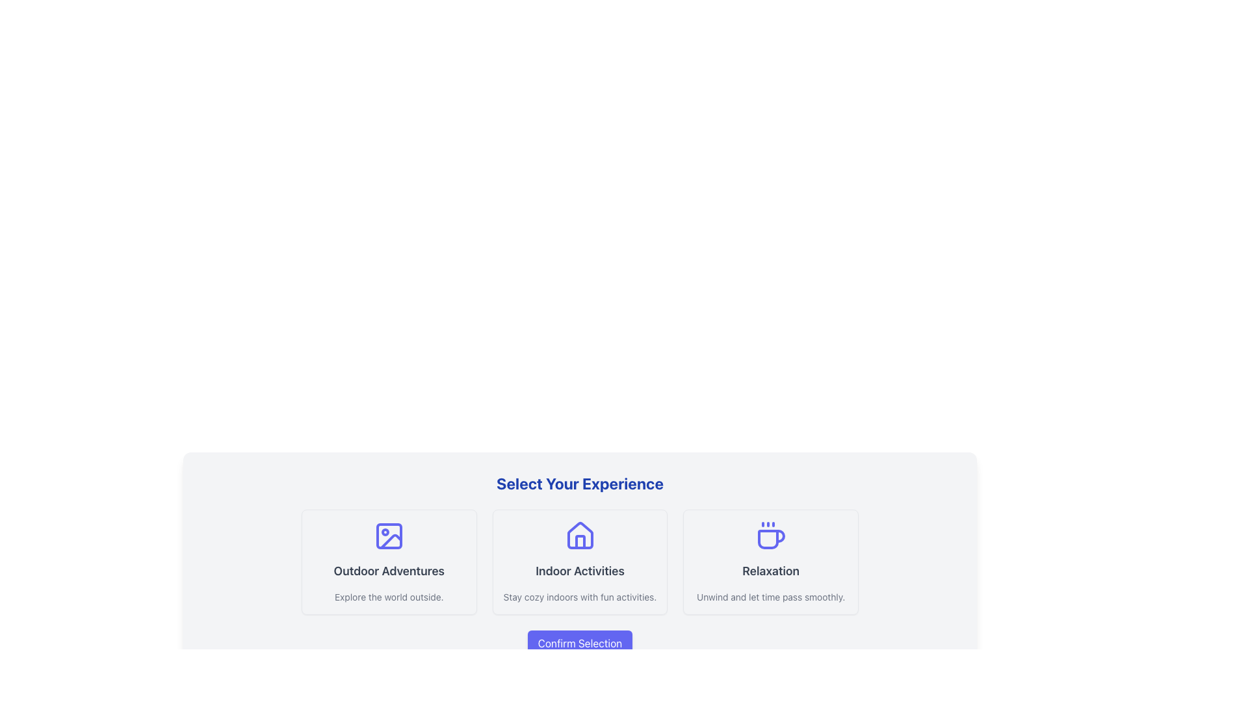 The width and height of the screenshot is (1248, 702). Describe the element at coordinates (771, 561) in the screenshot. I see `the rightmost card in a row of three cards` at that location.